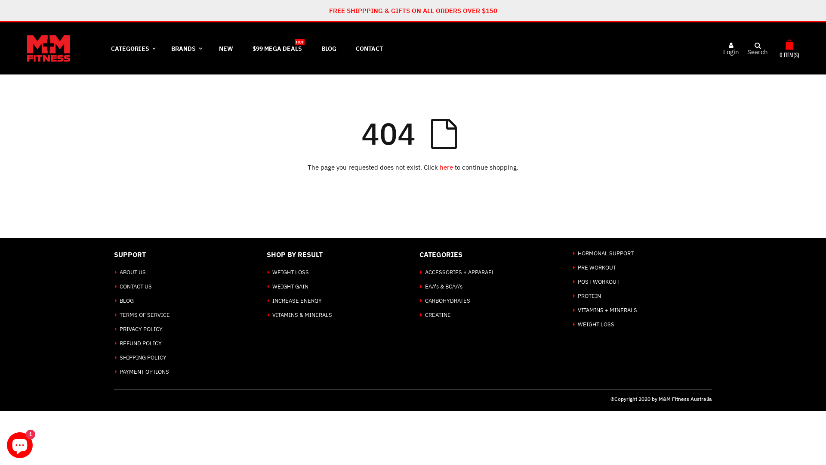 This screenshot has width=826, height=465. Describe the element at coordinates (438, 315) in the screenshot. I see `'CREATINE'` at that location.